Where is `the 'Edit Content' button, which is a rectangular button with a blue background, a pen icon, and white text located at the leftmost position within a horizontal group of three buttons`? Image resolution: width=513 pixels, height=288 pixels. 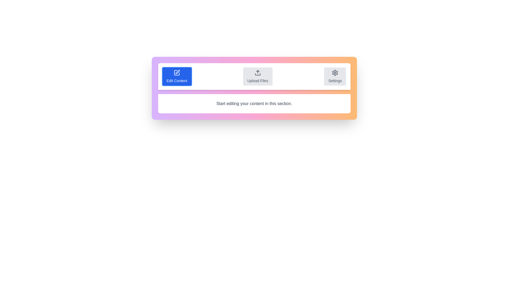
the 'Edit Content' button, which is a rectangular button with a blue background, a pen icon, and white text located at the leftmost position within a horizontal group of three buttons is located at coordinates (177, 76).